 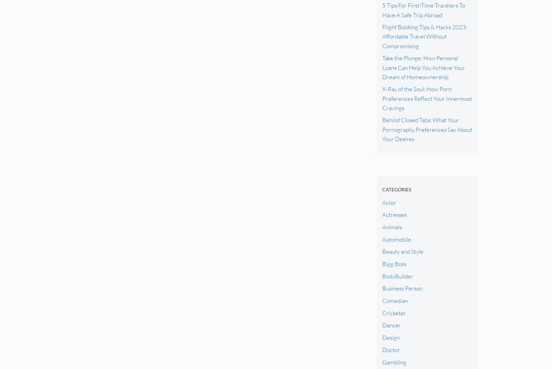 I want to click on 'BodyBuilder', so click(x=397, y=276).